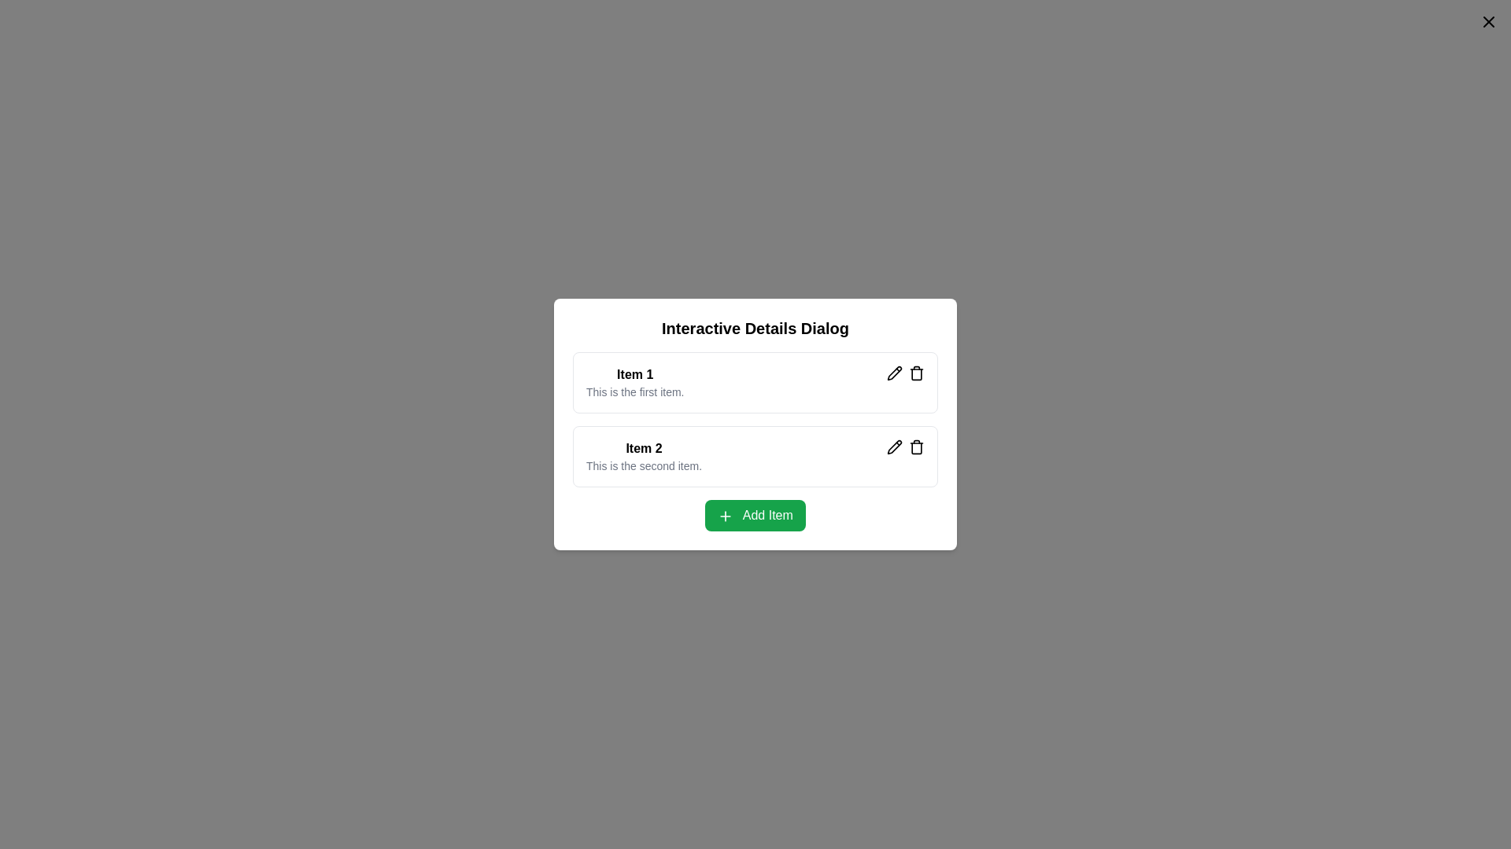 Image resolution: width=1511 pixels, height=849 pixels. What do you see at coordinates (906, 447) in the screenshot?
I see `the trash can icon within the icon group for edit and delete actions located at the bottom-right corner of the second item block in the dialog` at bounding box center [906, 447].